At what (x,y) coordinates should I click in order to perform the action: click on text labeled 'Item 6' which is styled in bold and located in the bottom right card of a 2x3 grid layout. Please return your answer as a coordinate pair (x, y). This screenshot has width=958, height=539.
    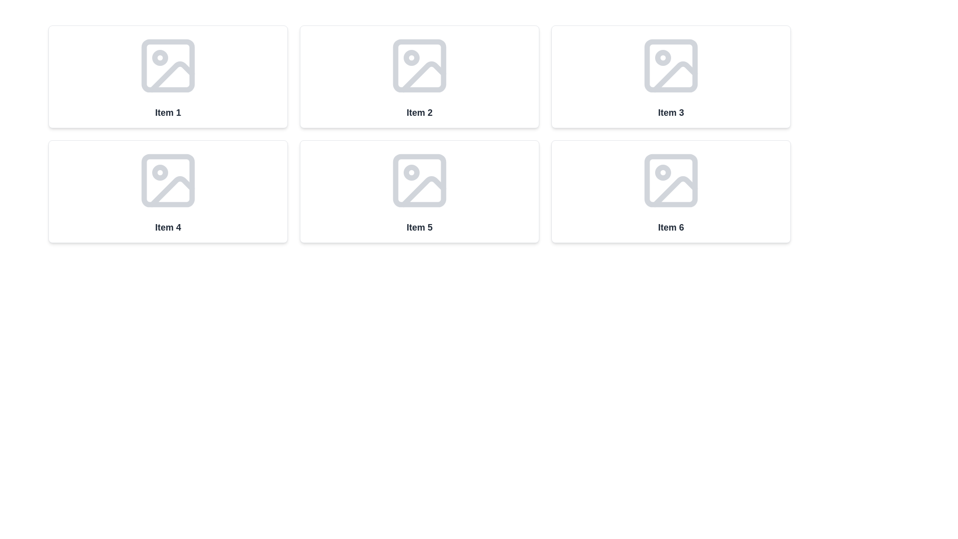
    Looking at the image, I should click on (671, 227).